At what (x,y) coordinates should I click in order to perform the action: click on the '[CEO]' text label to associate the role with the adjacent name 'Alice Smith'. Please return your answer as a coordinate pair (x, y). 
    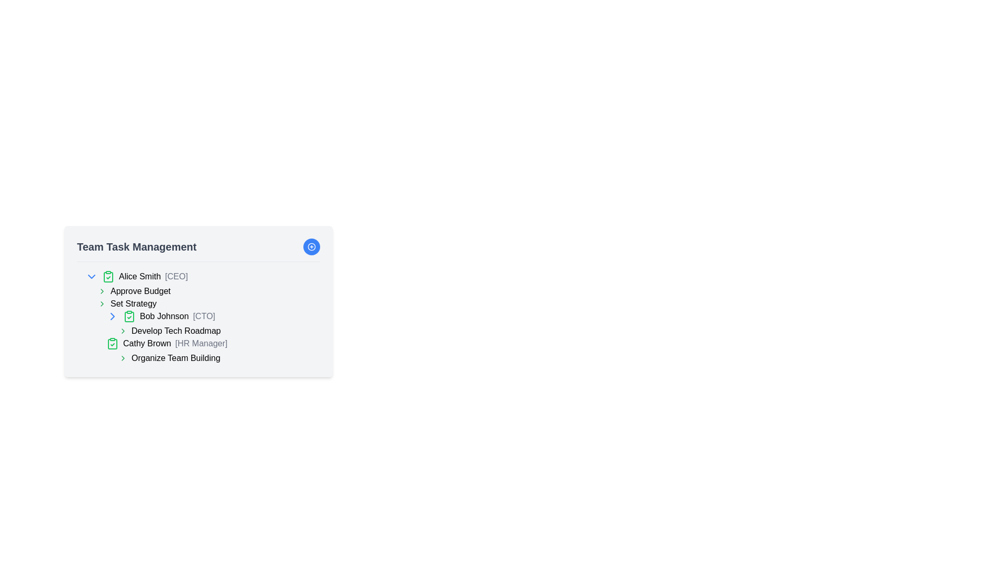
    Looking at the image, I should click on (176, 276).